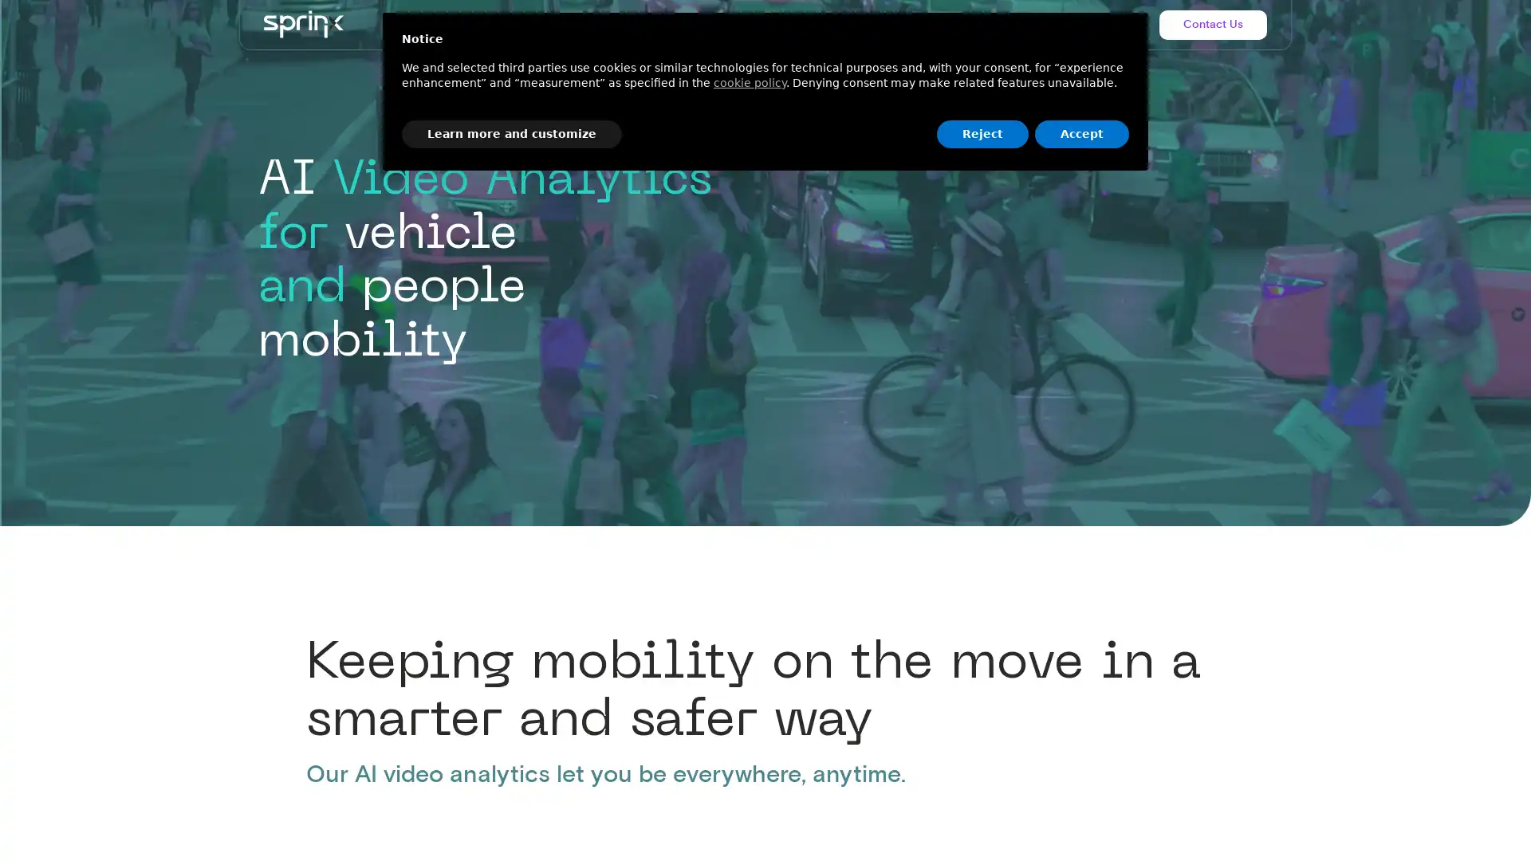 This screenshot has height=861, width=1531. I want to click on Learn more and customize, so click(512, 133).